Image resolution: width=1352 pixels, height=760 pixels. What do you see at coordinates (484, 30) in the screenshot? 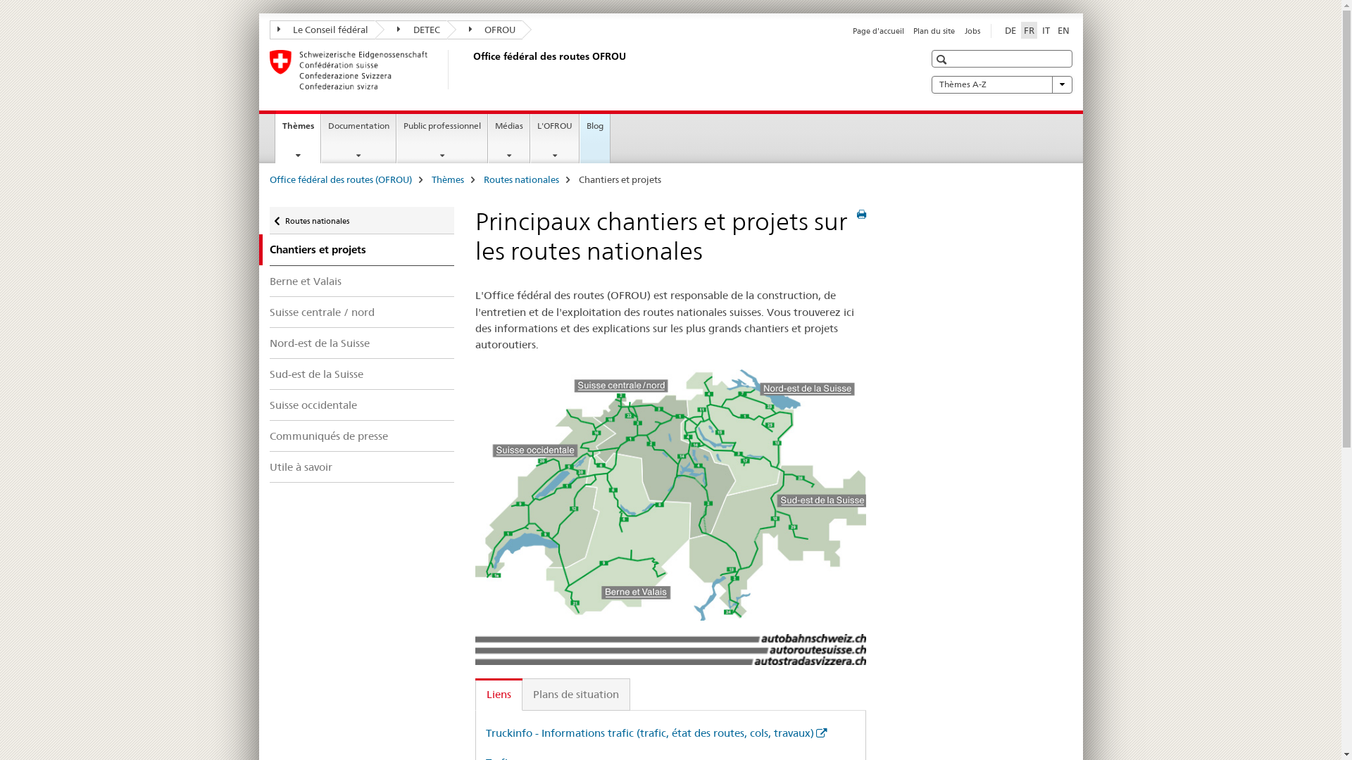
I see `'OFROU'` at bounding box center [484, 30].